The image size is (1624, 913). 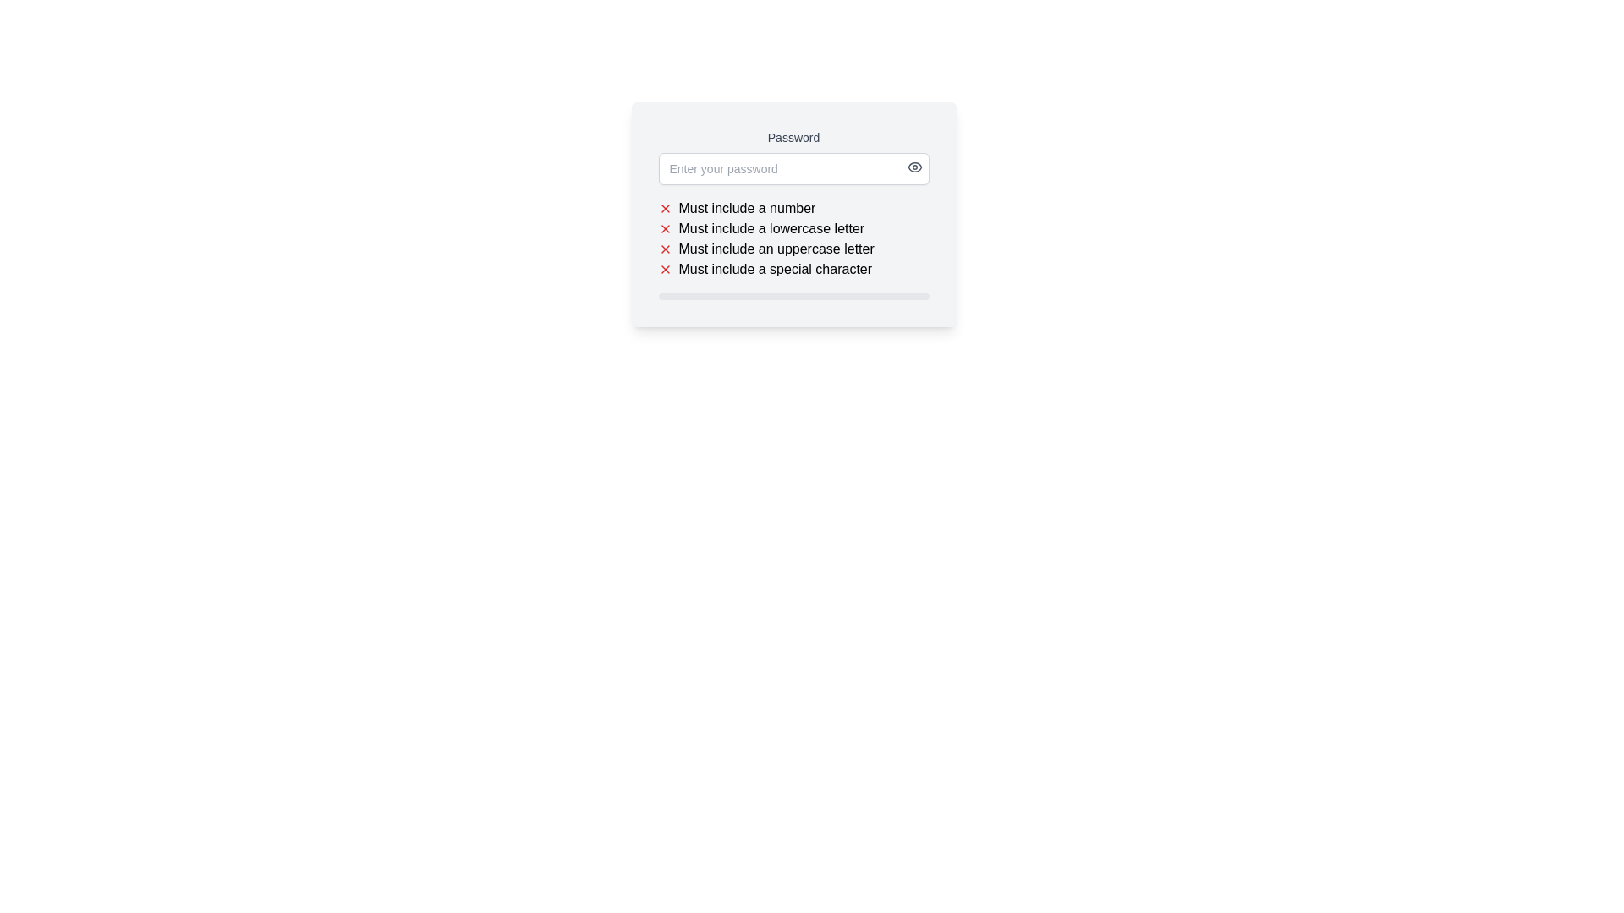 What do you see at coordinates (793, 269) in the screenshot?
I see `the text label that reads 'Must include a special character', which is the last item in a vertical list of password requirements, indicated by a red 'X' icon` at bounding box center [793, 269].